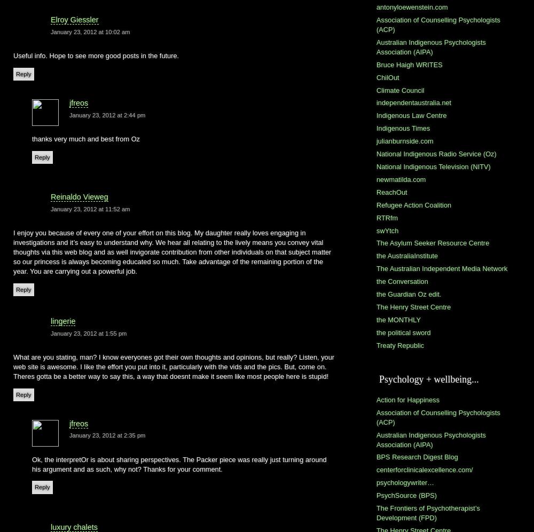 Image resolution: width=534 pixels, height=532 pixels. Describe the element at coordinates (409, 64) in the screenshot. I see `'Bruce Haigh WRITES'` at that location.